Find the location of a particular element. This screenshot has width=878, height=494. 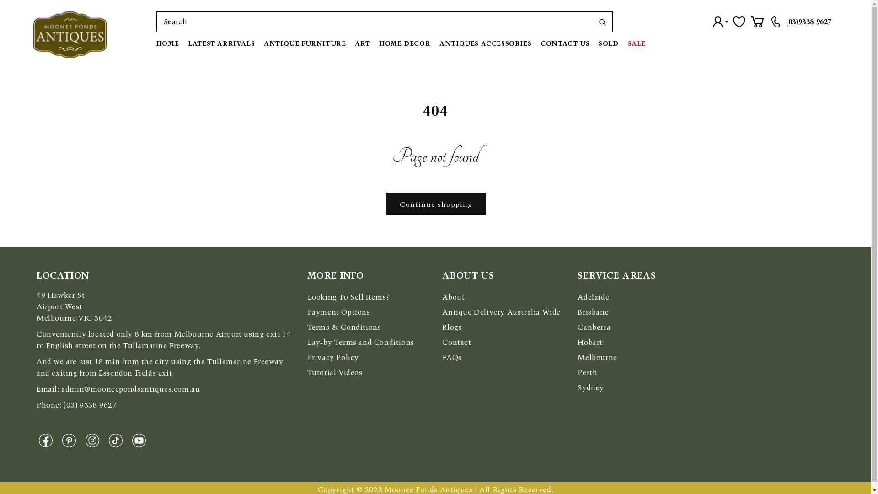

'Terms & Conditions' is located at coordinates (344, 327).